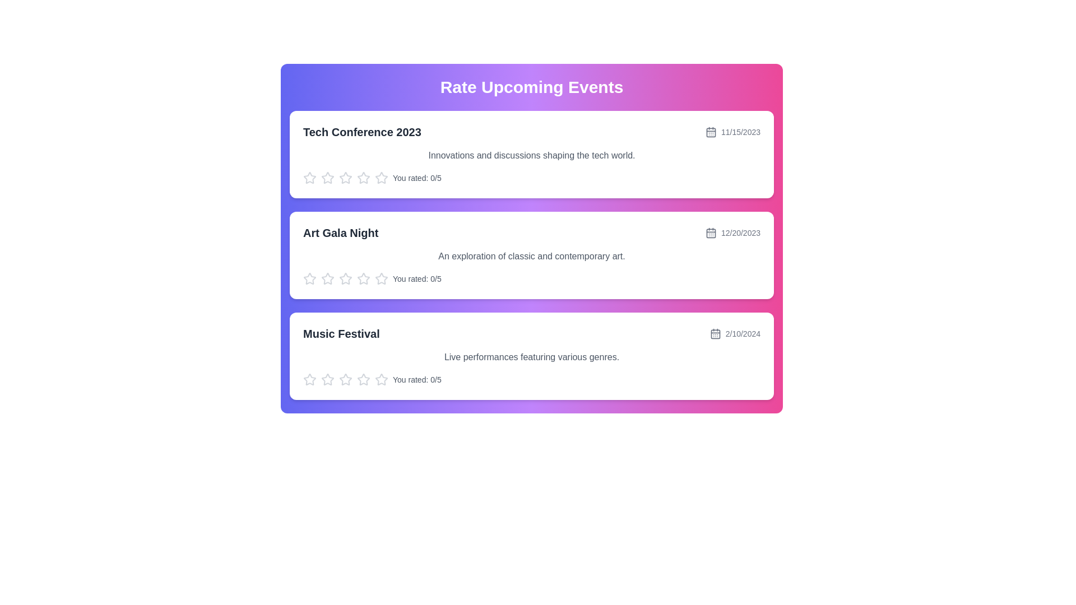 This screenshot has height=605, width=1076. What do you see at coordinates (345, 278) in the screenshot?
I see `the first star in the rating widget located in the 'Art Gala Night' card to provide a one-star rating` at bounding box center [345, 278].